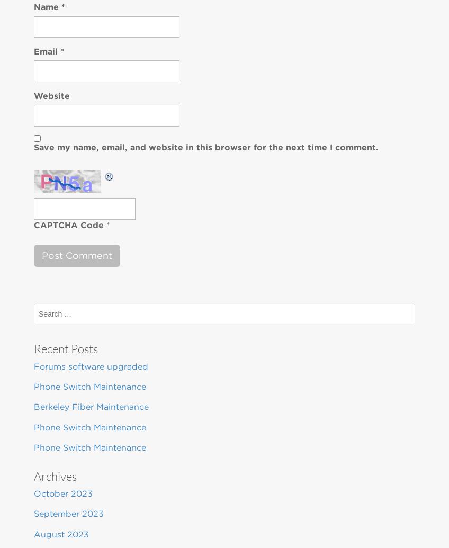 The height and width of the screenshot is (548, 449). I want to click on 'Forums software upgraded', so click(34, 365).